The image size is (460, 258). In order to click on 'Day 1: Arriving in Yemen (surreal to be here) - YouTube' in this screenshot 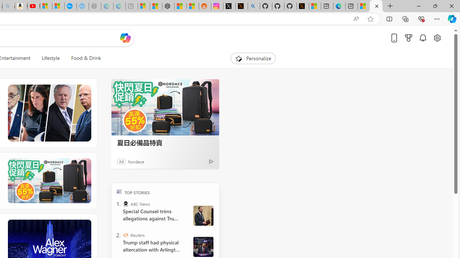, I will do `click(33, 6)`.